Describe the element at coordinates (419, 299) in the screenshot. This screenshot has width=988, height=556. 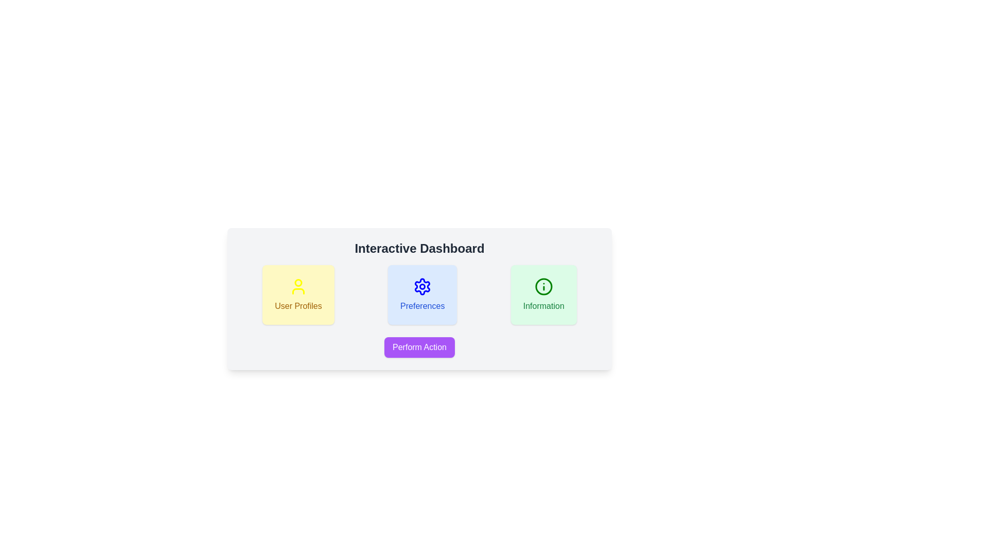
I see `the blue rectangular 'Preferences' informational card that contains a gear icon and text, located in the middle of three horizontal cards in the 'Interactive Dashboard'` at that location.